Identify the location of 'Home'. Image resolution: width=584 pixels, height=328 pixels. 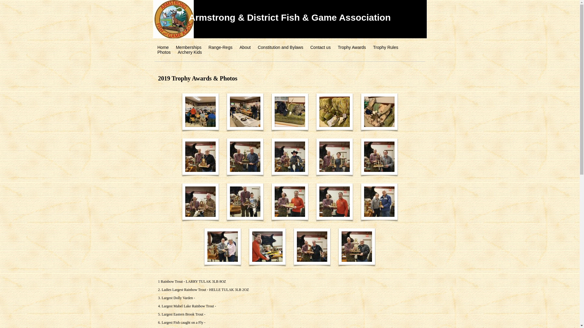
(163, 47).